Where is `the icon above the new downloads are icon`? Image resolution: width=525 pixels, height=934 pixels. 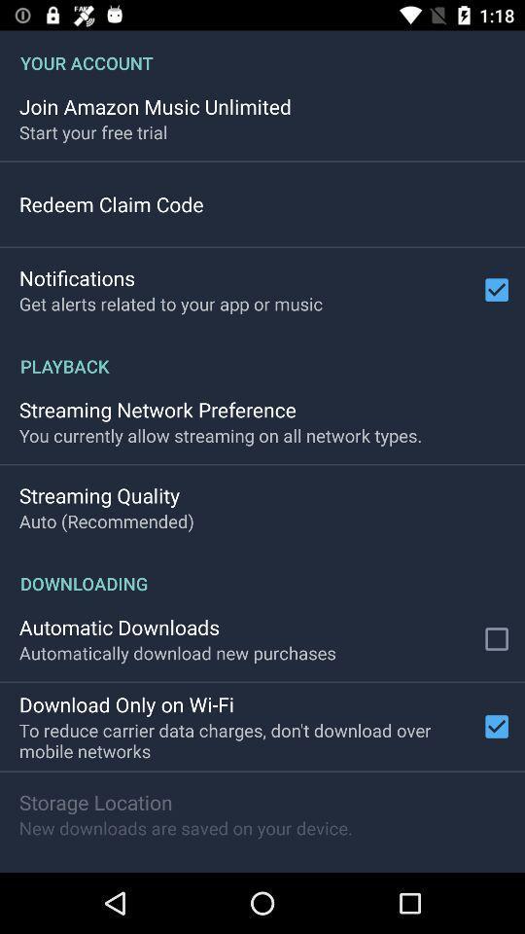 the icon above the new downloads are icon is located at coordinates (94, 802).